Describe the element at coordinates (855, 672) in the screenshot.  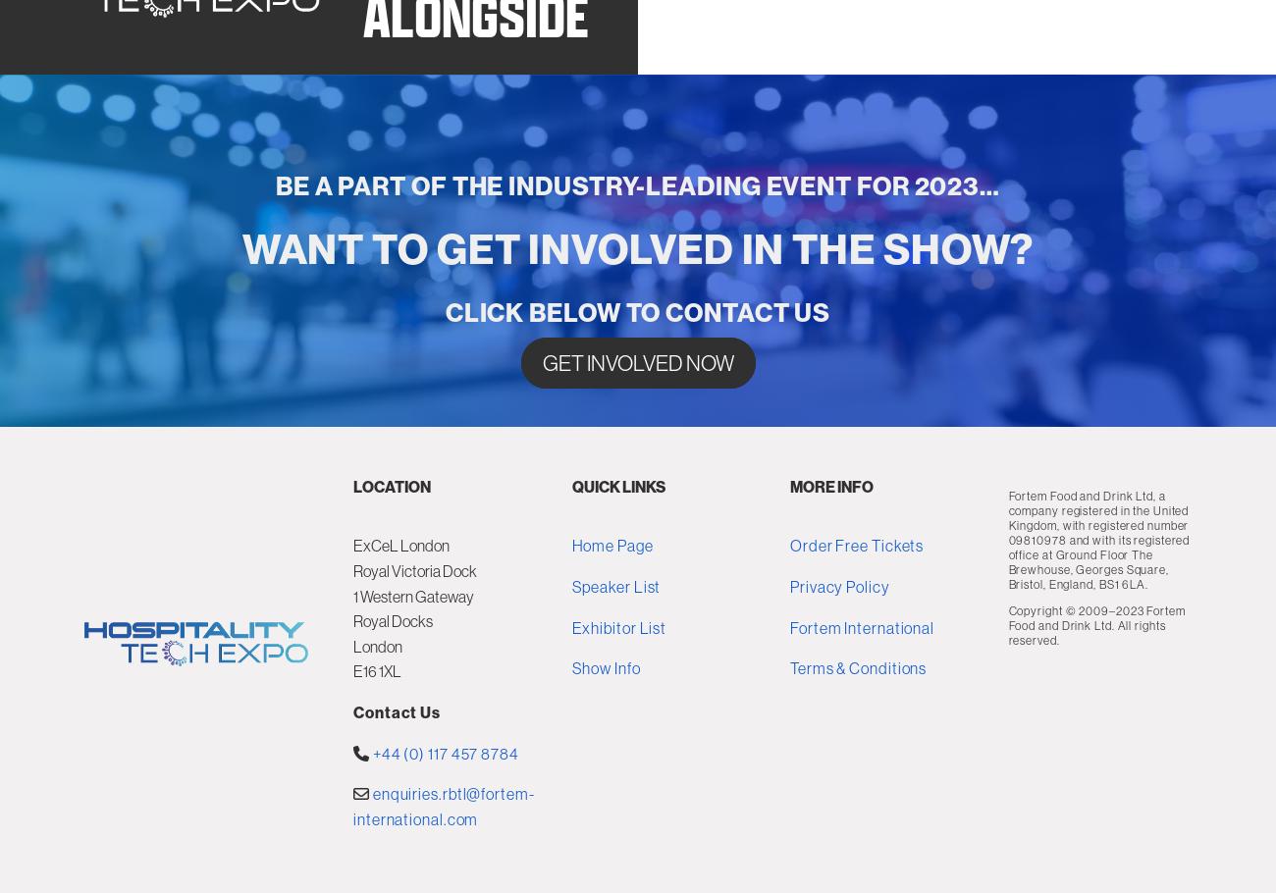
I see `'Order Free Tickets'` at that location.